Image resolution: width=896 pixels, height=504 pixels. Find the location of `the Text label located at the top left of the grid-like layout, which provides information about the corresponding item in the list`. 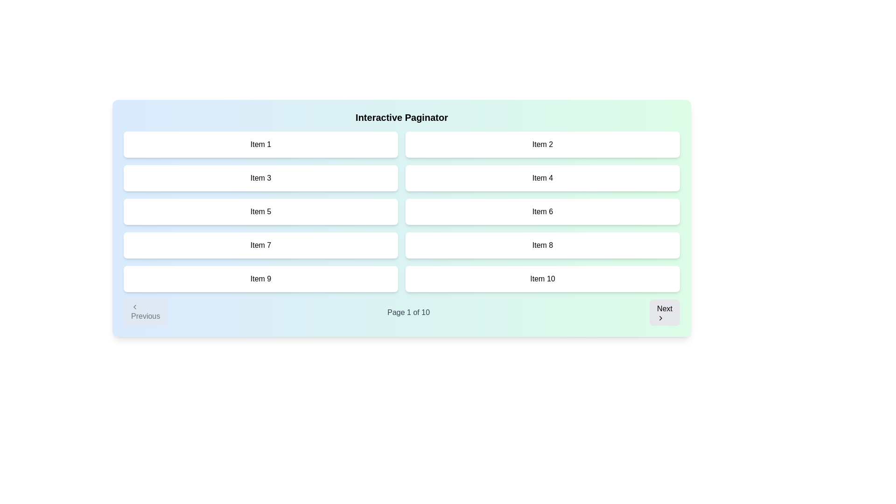

the Text label located at the top left of the grid-like layout, which provides information about the corresponding item in the list is located at coordinates (260, 144).